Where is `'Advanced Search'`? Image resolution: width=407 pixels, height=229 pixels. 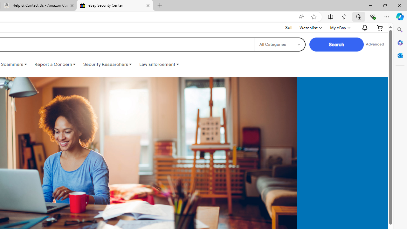 'Advanced Search' is located at coordinates (375, 44).